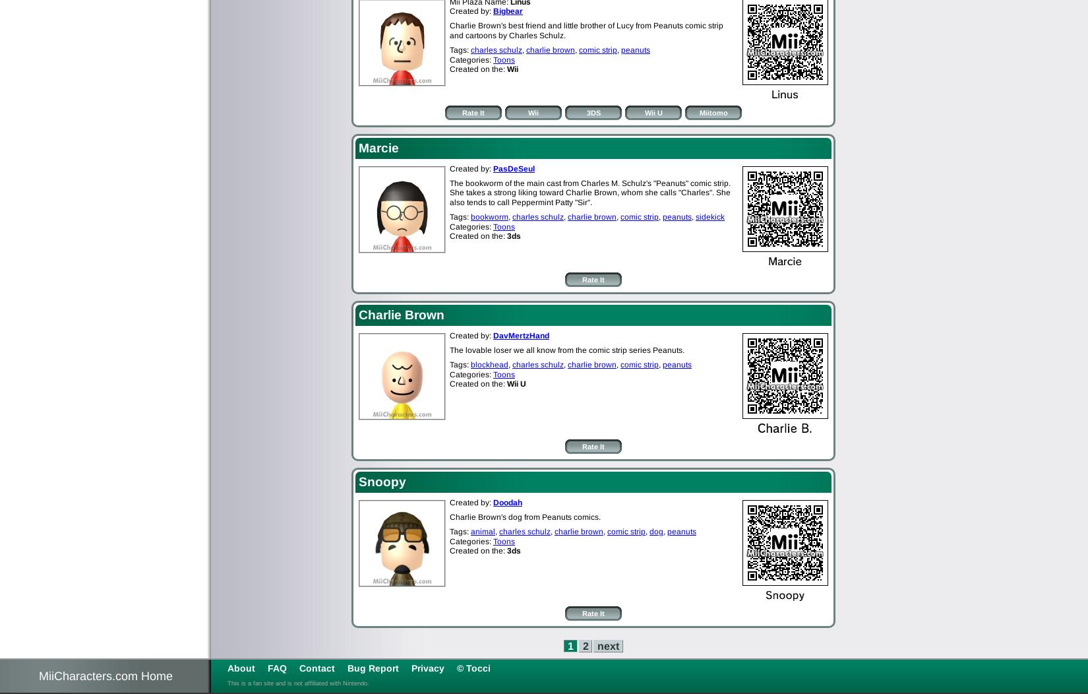 This screenshot has width=1088, height=694. Describe the element at coordinates (354, 681) in the screenshot. I see `'Nintendo'` at that location.